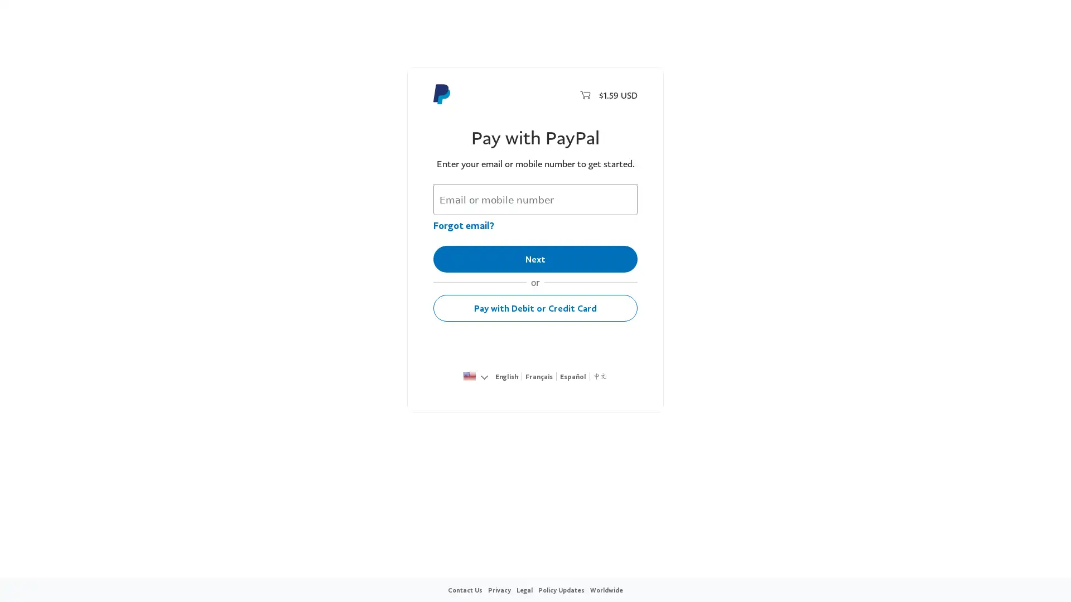 This screenshot has width=1071, height=602. Describe the element at coordinates (535, 308) in the screenshot. I see `Pay with Debit or Credit Card` at that location.